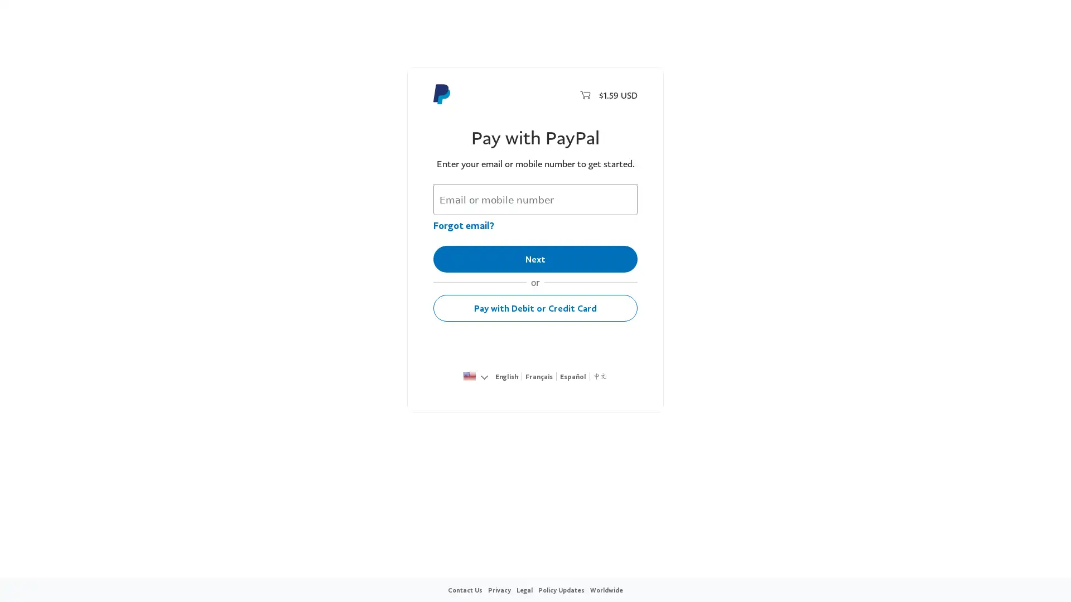 This screenshot has width=1071, height=602. Describe the element at coordinates (535, 308) in the screenshot. I see `Pay with Debit or Credit Card` at that location.